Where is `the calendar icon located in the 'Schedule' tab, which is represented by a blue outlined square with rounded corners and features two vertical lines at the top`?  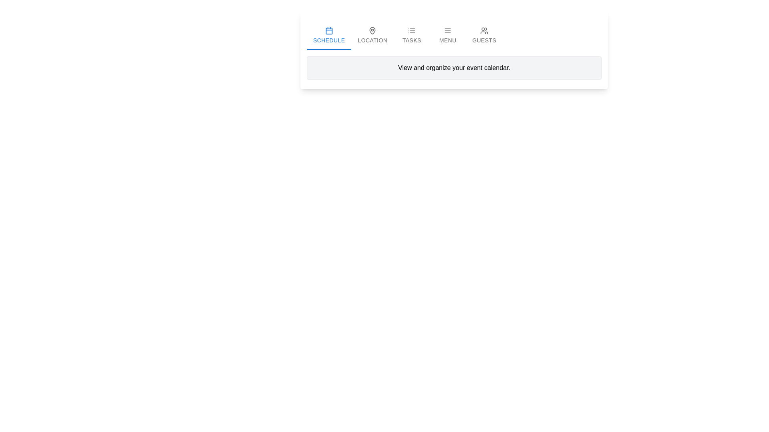 the calendar icon located in the 'Schedule' tab, which is represented by a blue outlined square with rounded corners and features two vertical lines at the top is located at coordinates (329, 30).